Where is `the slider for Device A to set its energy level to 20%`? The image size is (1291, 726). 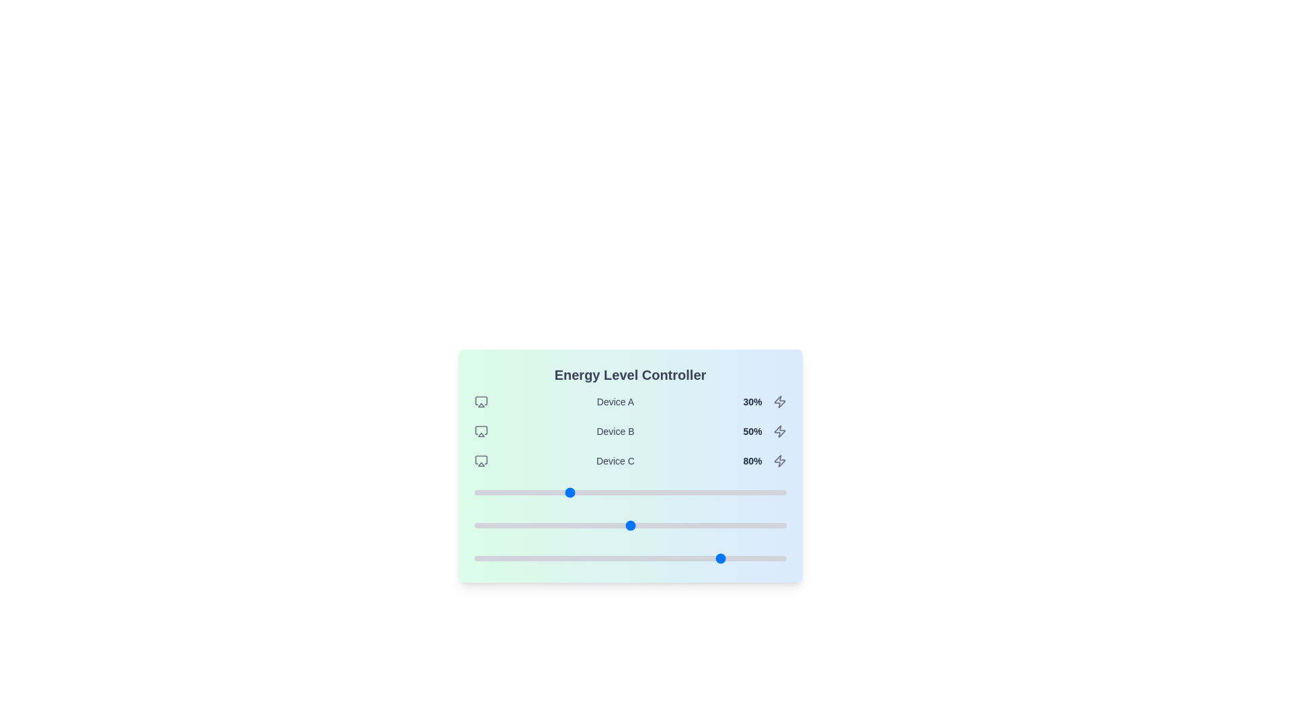
the slider for Device A to set its energy level to 20% is located at coordinates (536, 492).